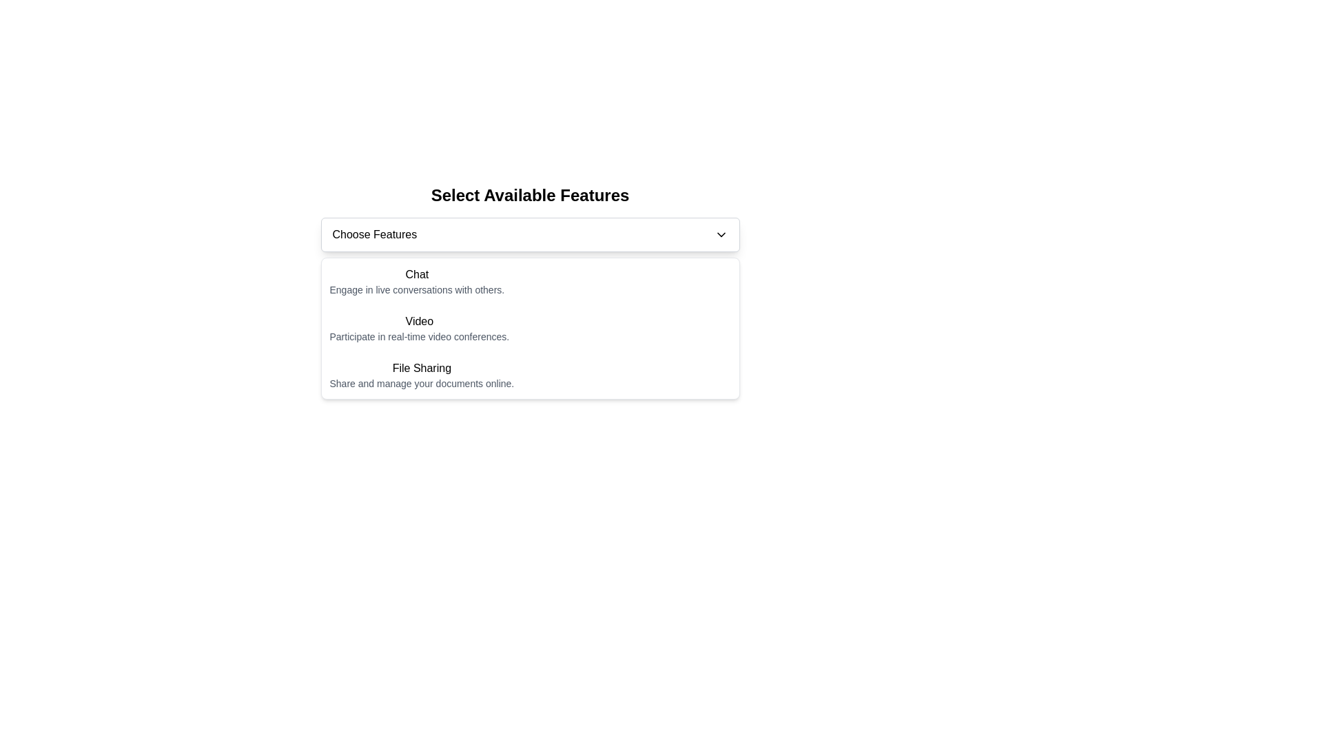 The image size is (1323, 744). Describe the element at coordinates (529, 196) in the screenshot. I see `the header element with the text 'Select Available Features', which is styled in bold and centered at the top of the page` at that location.